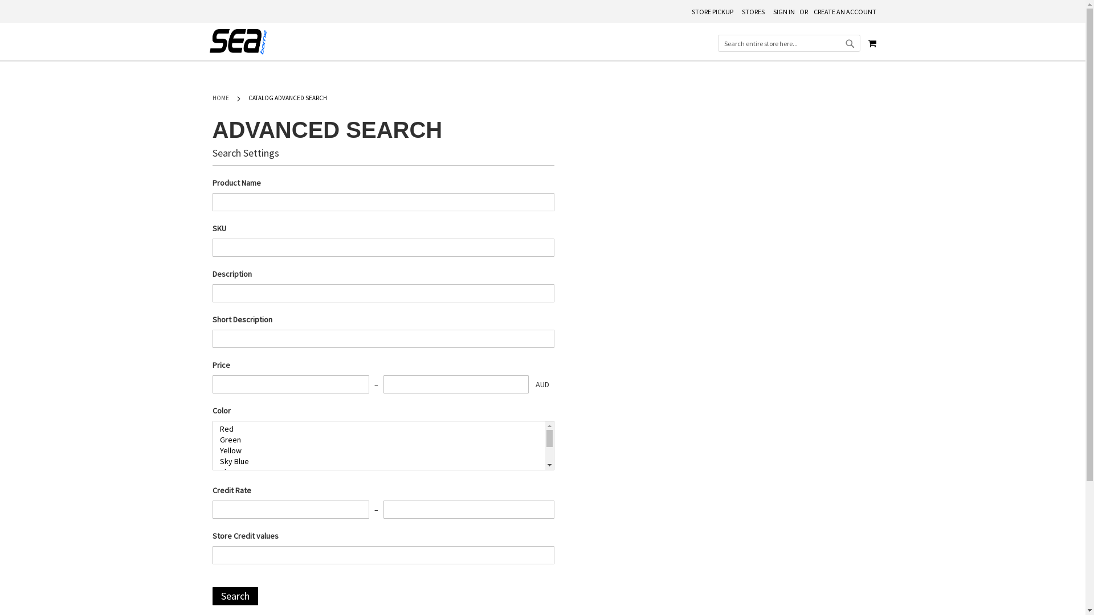  What do you see at coordinates (383, 555) in the screenshot?
I see `'Store Credit values'` at bounding box center [383, 555].